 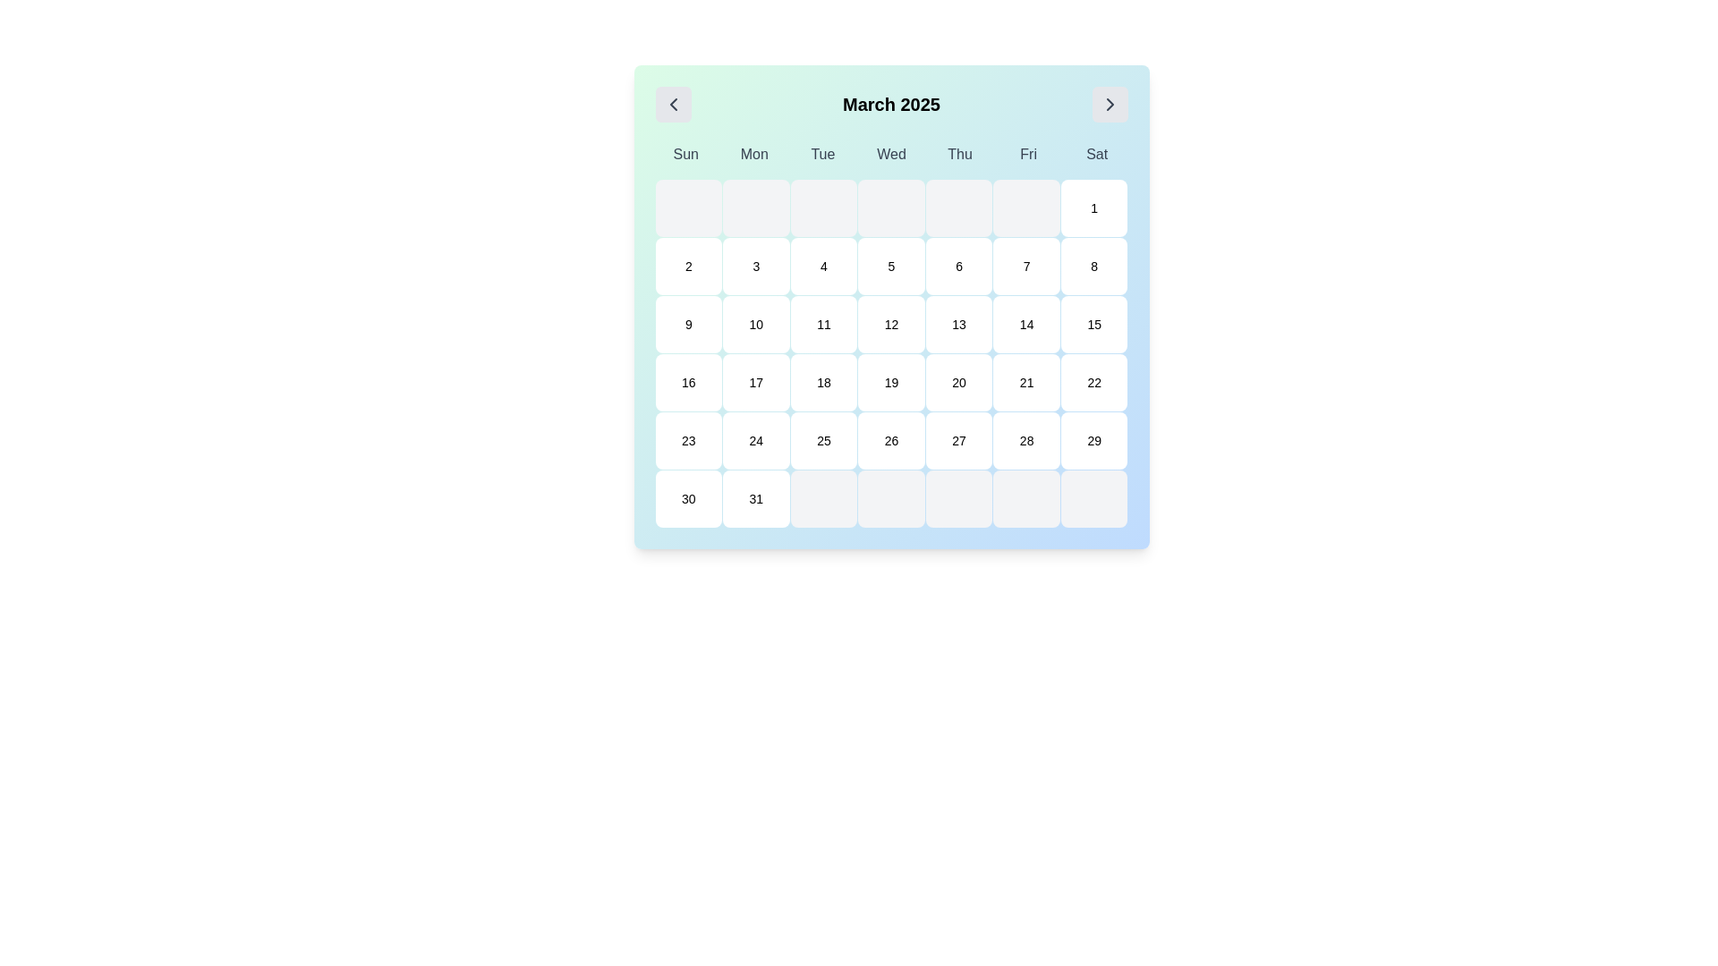 I want to click on the non-interactive calendar date cell located in the last row, third from the left, characterized by its square shape, light gray background, and rounded corners, so click(x=822, y=499).